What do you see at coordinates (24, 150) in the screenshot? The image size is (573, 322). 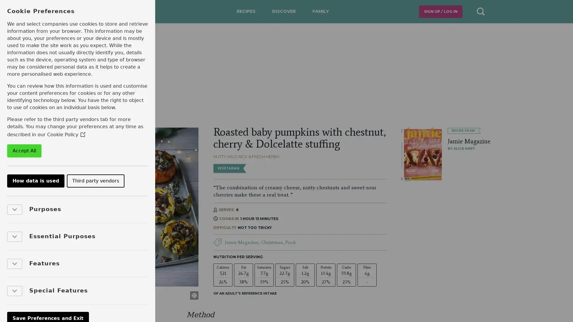 I see `Accept All` at bounding box center [24, 150].